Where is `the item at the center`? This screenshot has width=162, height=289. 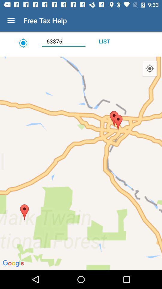
the item at the center is located at coordinates (81, 163).